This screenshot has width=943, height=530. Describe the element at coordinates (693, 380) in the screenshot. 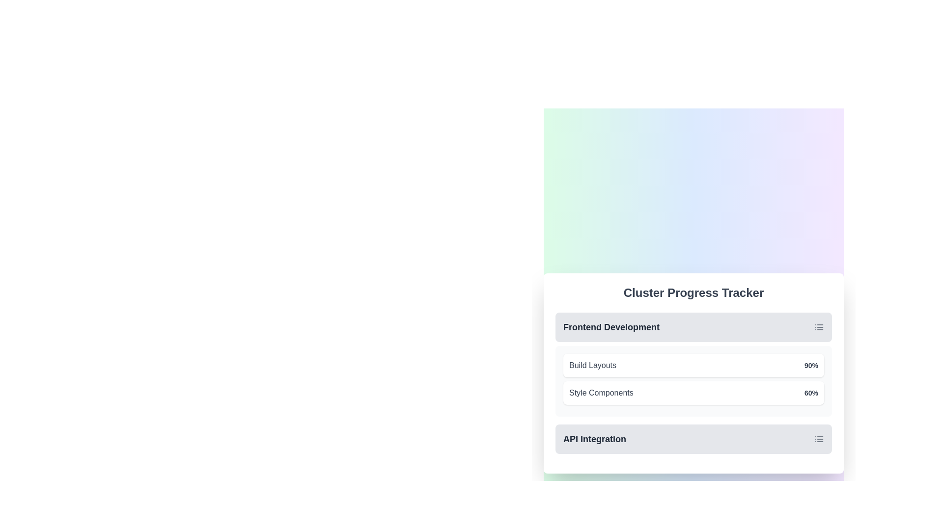

I see `the Progress tracker with multiple rows that displays progress indicators for tasks like 'Build Layouts' and 'Style Components.'` at that location.